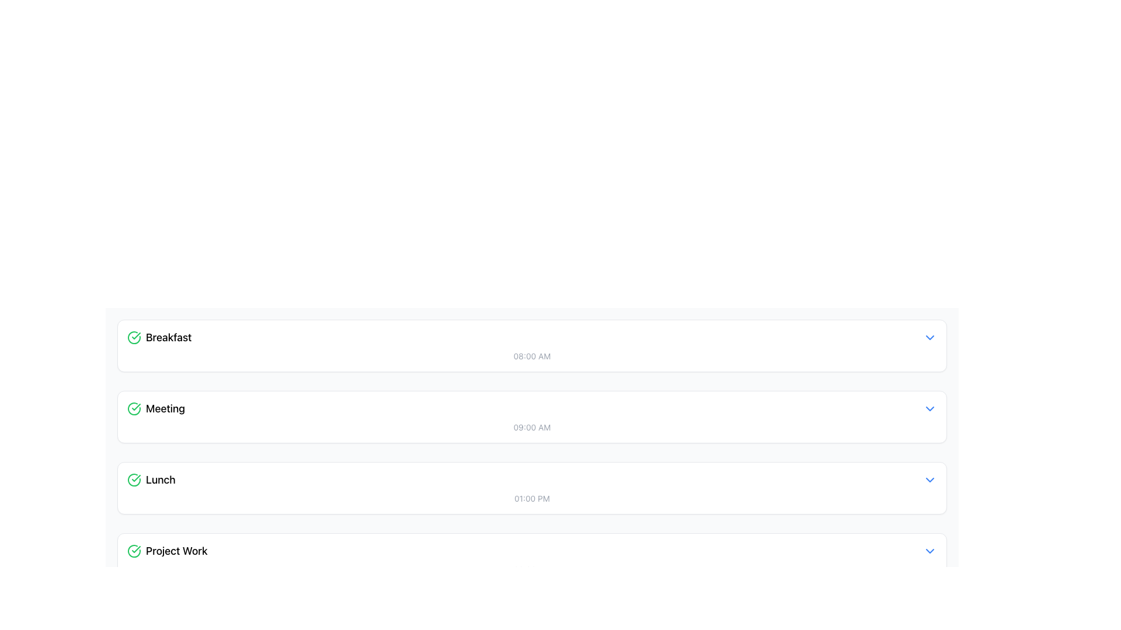 This screenshot has height=630, width=1121. Describe the element at coordinates (134, 408) in the screenshot. I see `the completed task icon for the 'Meeting' entry in the list, which is positioned to the left of the text 'Meeting'` at that location.